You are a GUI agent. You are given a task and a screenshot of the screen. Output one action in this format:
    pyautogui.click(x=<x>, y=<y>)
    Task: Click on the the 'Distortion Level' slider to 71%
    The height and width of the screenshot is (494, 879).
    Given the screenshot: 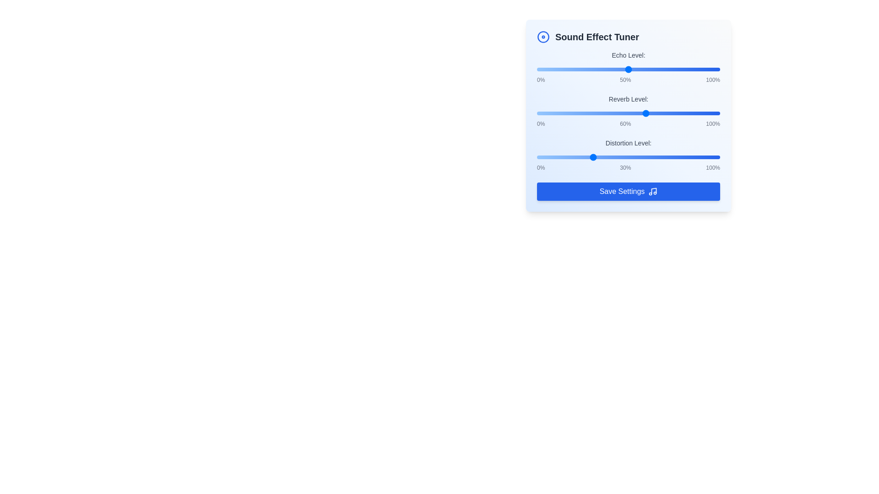 What is the action you would take?
    pyautogui.click(x=667, y=156)
    